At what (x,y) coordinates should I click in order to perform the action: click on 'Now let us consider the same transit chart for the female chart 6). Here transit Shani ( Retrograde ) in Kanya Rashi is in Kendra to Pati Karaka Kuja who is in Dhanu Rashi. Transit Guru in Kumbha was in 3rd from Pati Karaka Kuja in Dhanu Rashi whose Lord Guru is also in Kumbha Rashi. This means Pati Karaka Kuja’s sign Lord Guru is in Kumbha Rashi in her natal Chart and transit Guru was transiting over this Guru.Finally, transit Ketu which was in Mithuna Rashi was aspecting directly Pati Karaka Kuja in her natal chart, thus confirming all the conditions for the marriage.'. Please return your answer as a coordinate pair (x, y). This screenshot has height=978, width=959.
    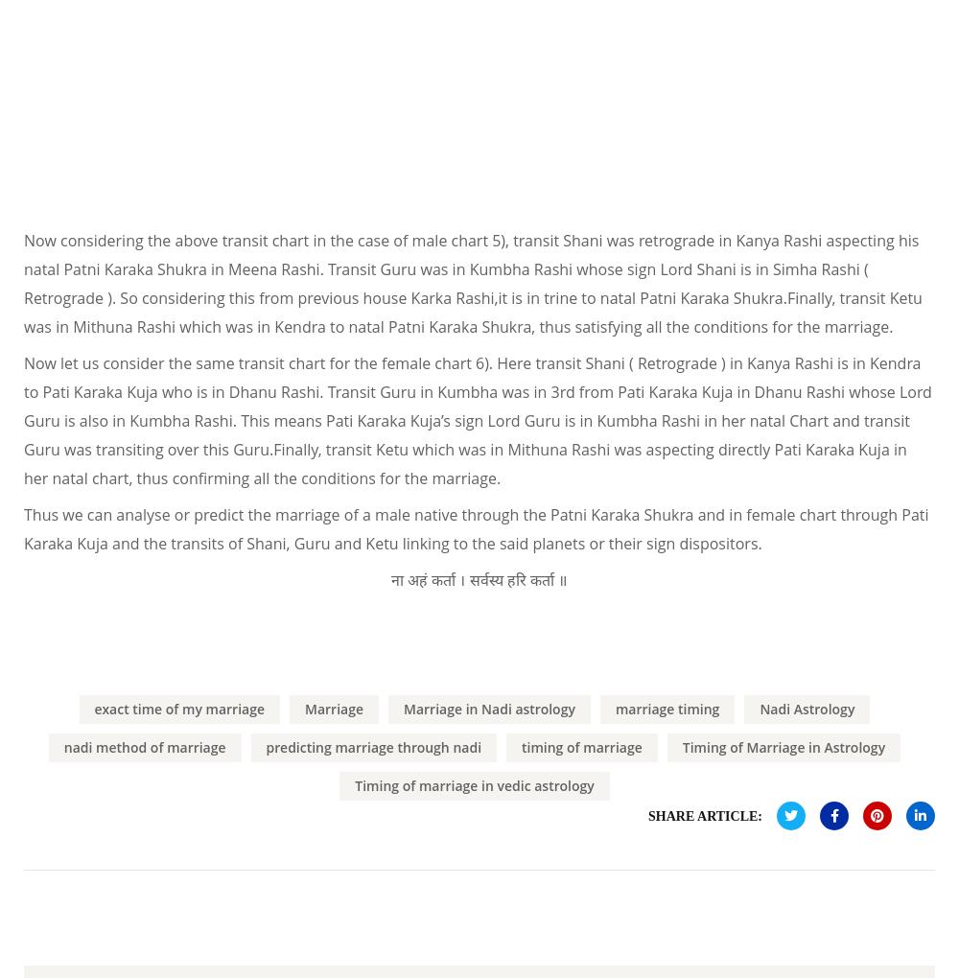
    Looking at the image, I should click on (477, 418).